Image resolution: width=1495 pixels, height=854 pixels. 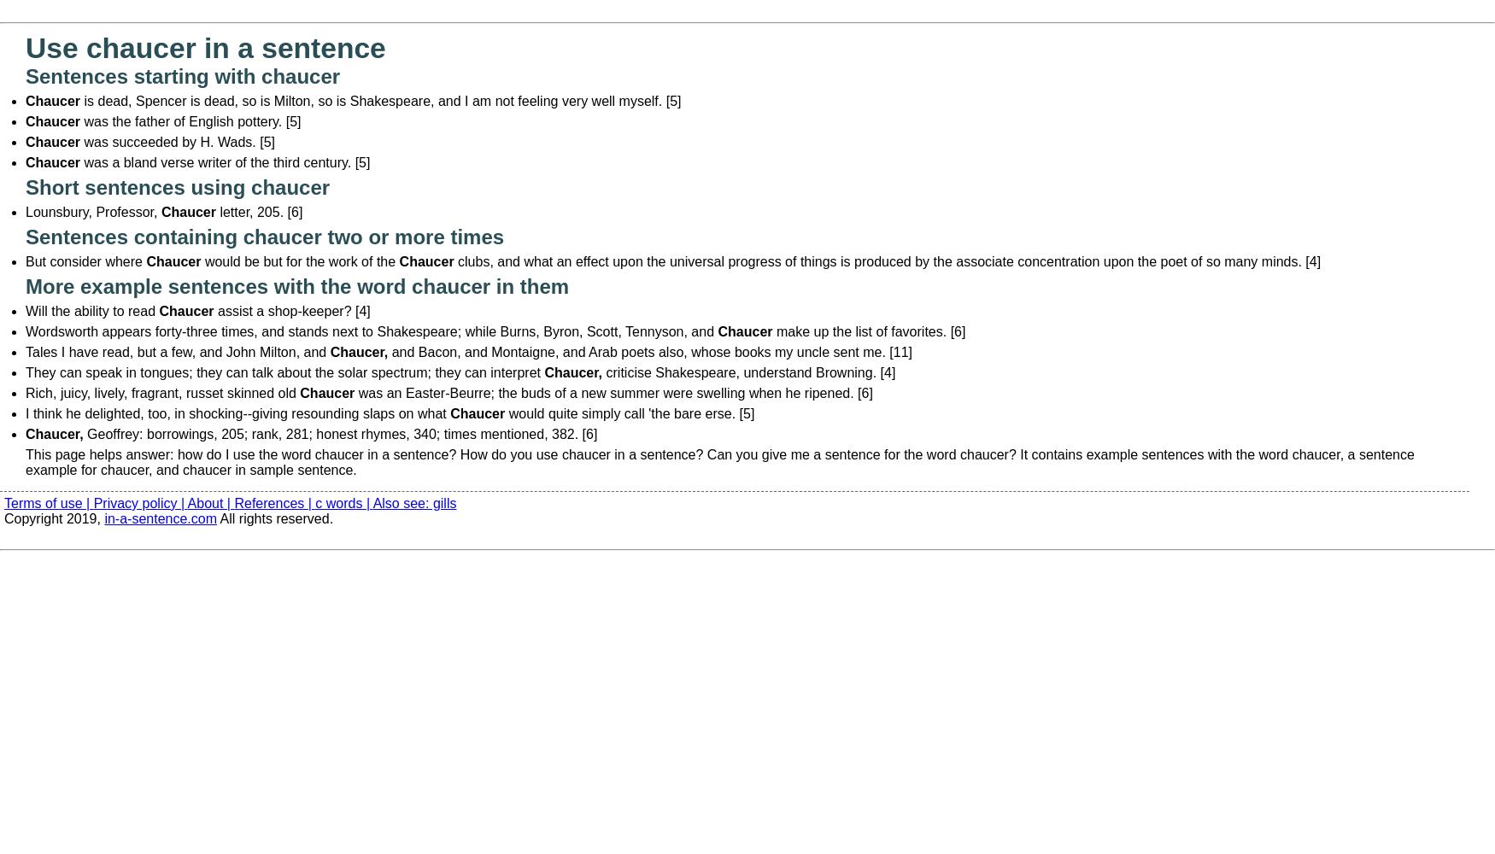 What do you see at coordinates (237, 412) in the screenshot?
I see `'I think he delighted, too, in shocking--giving resounding slaps on what'` at bounding box center [237, 412].